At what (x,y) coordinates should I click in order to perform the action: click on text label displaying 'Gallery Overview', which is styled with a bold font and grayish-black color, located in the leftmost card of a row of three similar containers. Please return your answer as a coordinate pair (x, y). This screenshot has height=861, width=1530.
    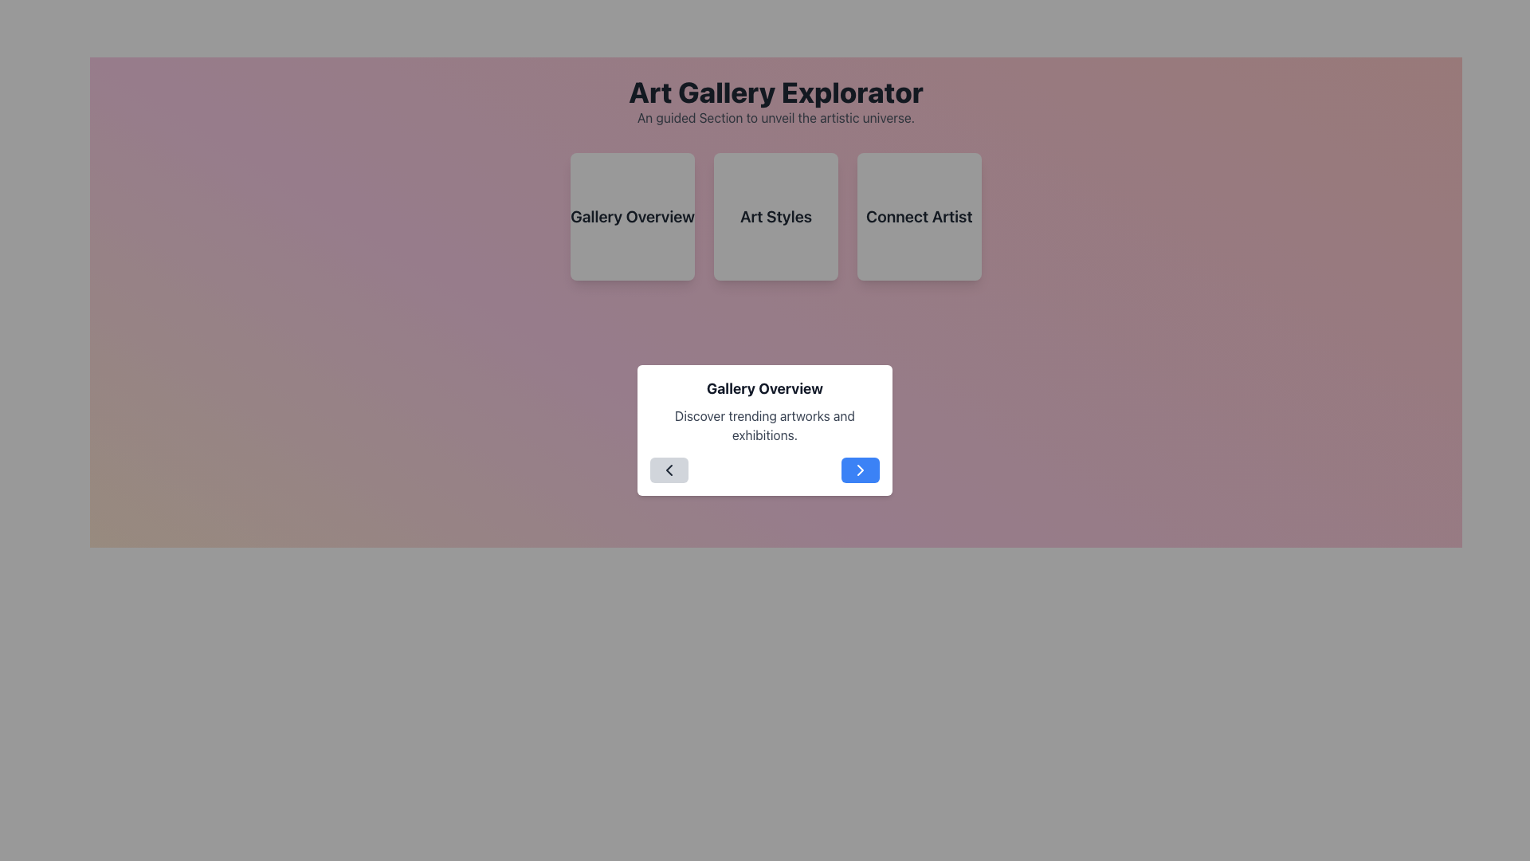
    Looking at the image, I should click on (632, 217).